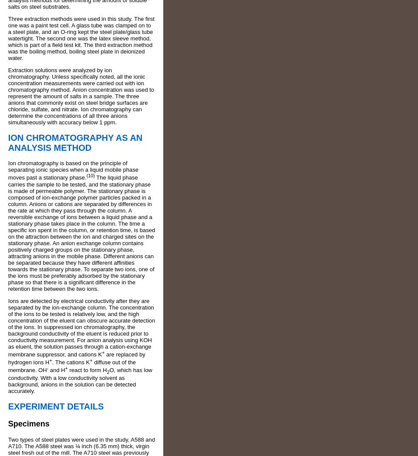 The height and width of the screenshot is (456, 418). I want to click on '. The cations K', so click(52, 362).